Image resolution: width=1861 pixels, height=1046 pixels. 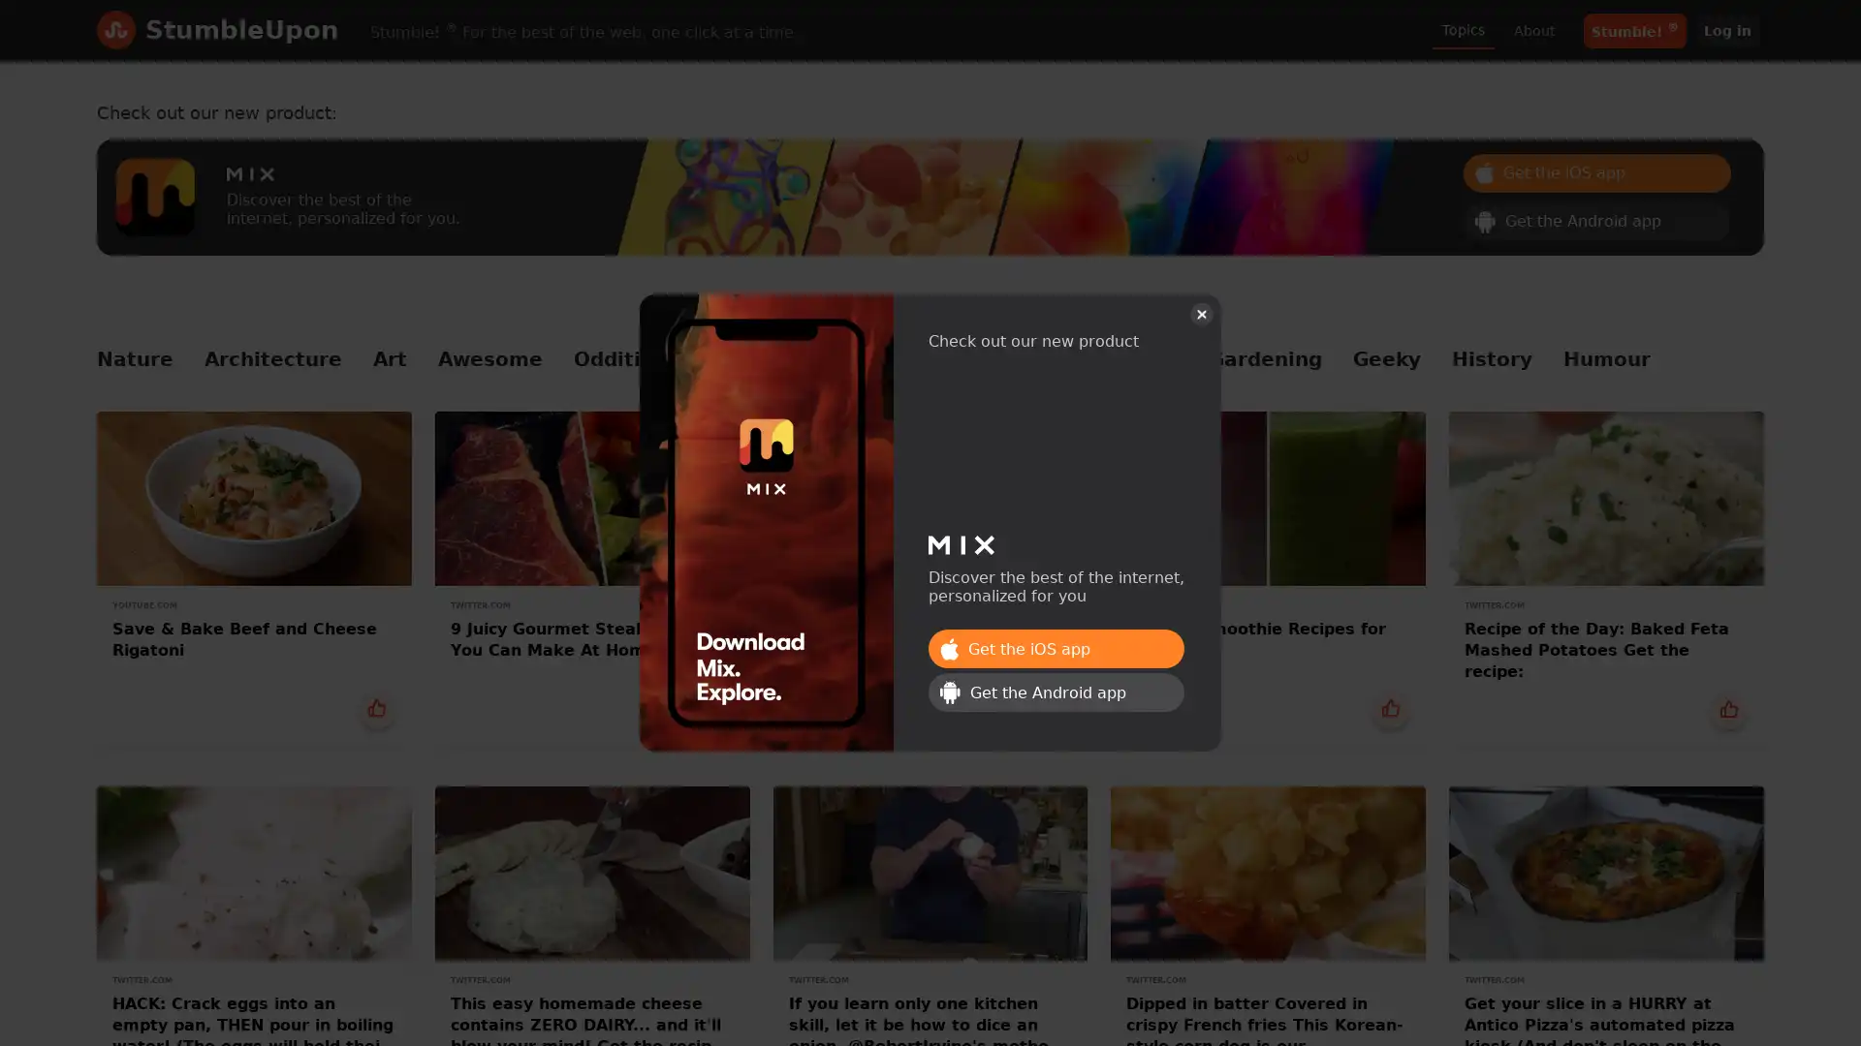 I want to click on Header Image 1 Get the iOS app, so click(x=1596, y=170).